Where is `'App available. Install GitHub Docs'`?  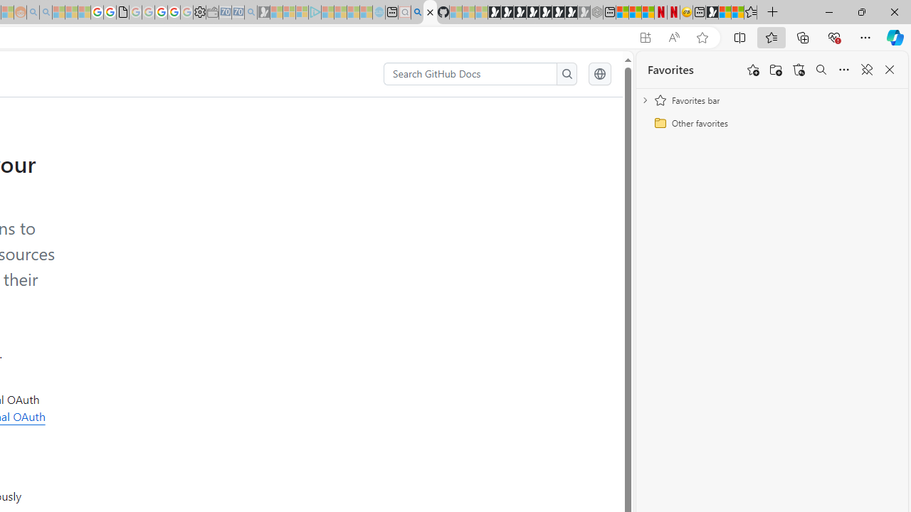
'App available. Install GitHub Docs' is located at coordinates (644, 37).